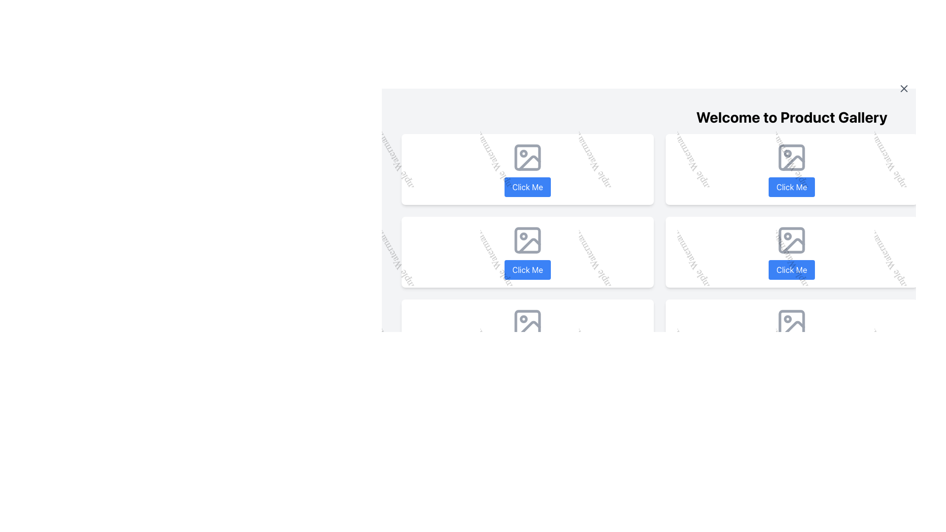 The height and width of the screenshot is (532, 946). What do you see at coordinates (792, 240) in the screenshot?
I see `the SVG rectangular shape with rounded corners that is part of the 'lucide-image' icon located in the second column of the bottom row of the displayed grid` at bounding box center [792, 240].